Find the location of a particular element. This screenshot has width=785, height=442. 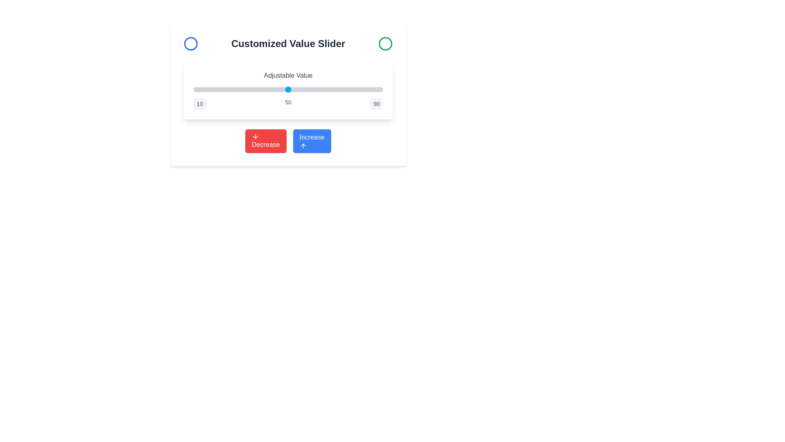

the text label displaying the number '50', which is styled in a standard sans-serif font and positioned between the numerical labels '10' and '90' is located at coordinates (288, 104).